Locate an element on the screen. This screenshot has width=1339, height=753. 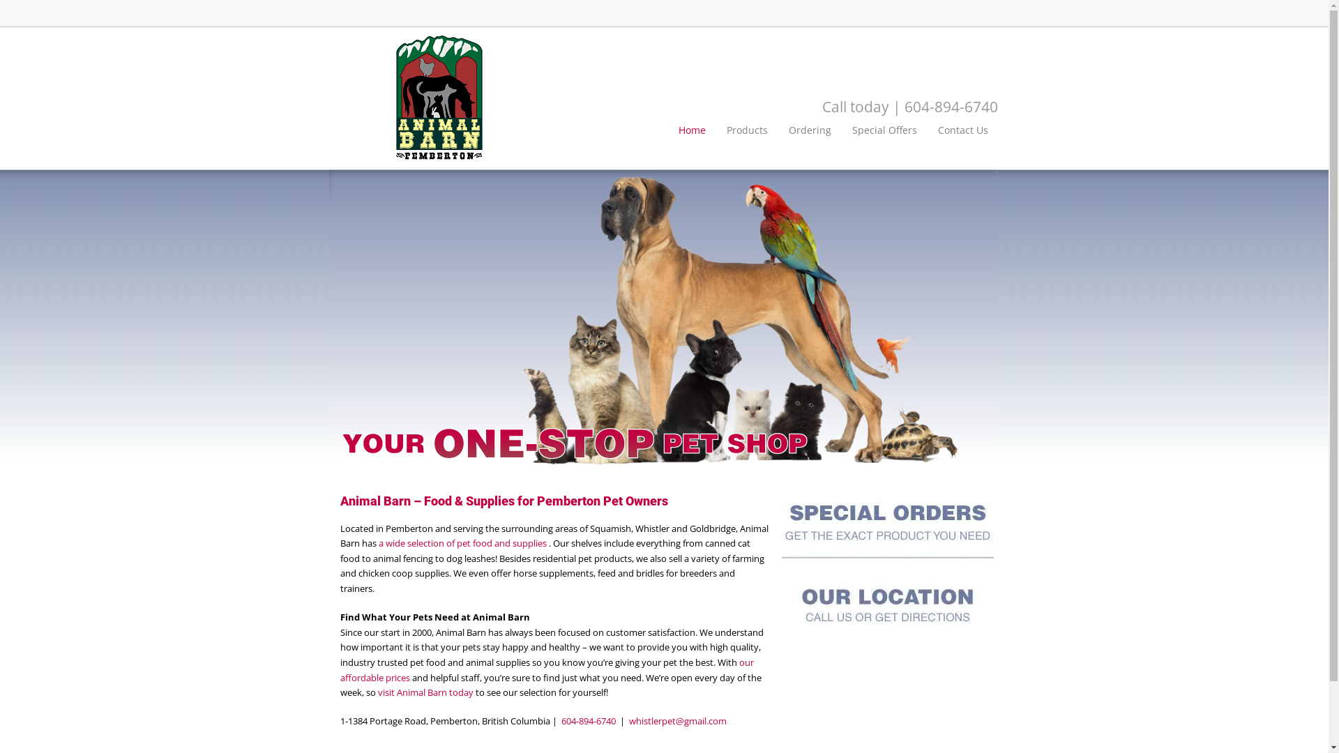
'a wide selection of pet food and supplies' is located at coordinates (462, 542).